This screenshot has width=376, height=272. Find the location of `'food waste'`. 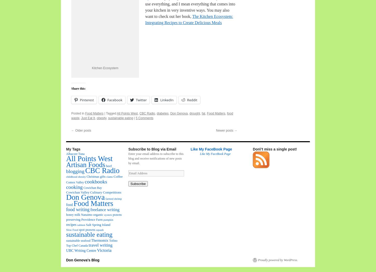

'food waste' is located at coordinates (152, 115).